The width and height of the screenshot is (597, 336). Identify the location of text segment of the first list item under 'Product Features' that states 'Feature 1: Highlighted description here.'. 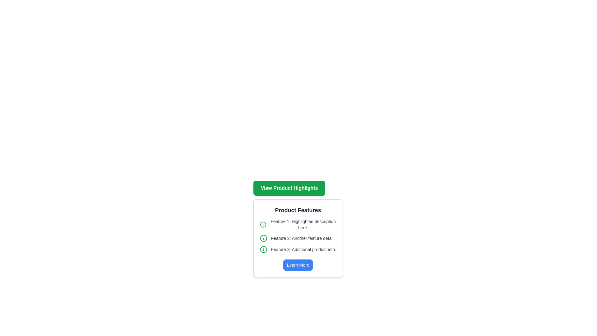
(298, 224).